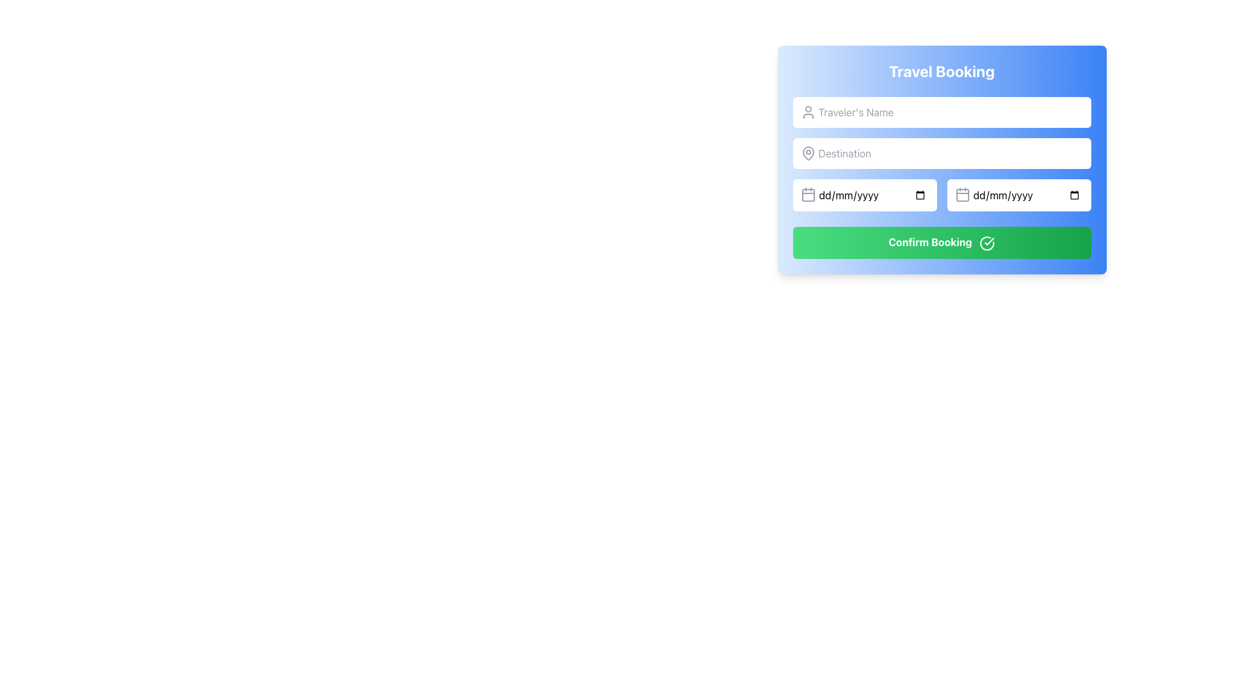 The height and width of the screenshot is (694, 1234). What do you see at coordinates (987, 243) in the screenshot?
I see `the outer circular stroke of the SVG icon that symbolizes a circle with a check mark, located next to the 'Confirm Booking' button` at bounding box center [987, 243].